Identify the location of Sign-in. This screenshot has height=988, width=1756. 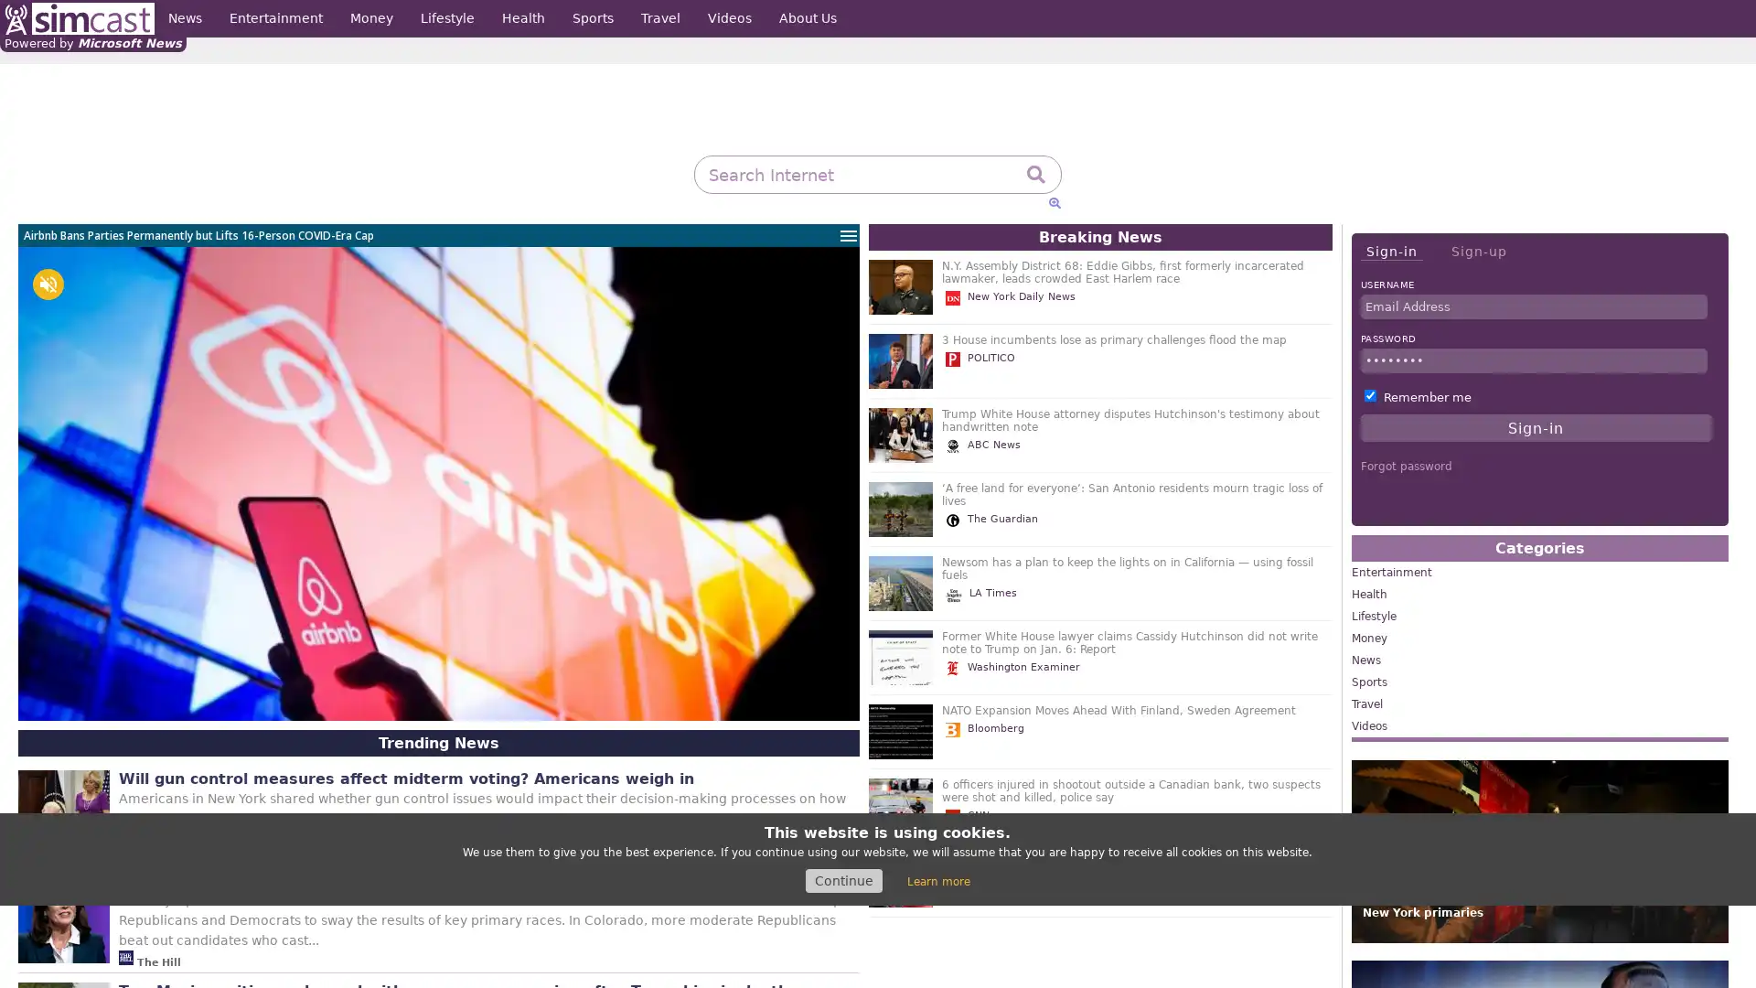
(1536, 427).